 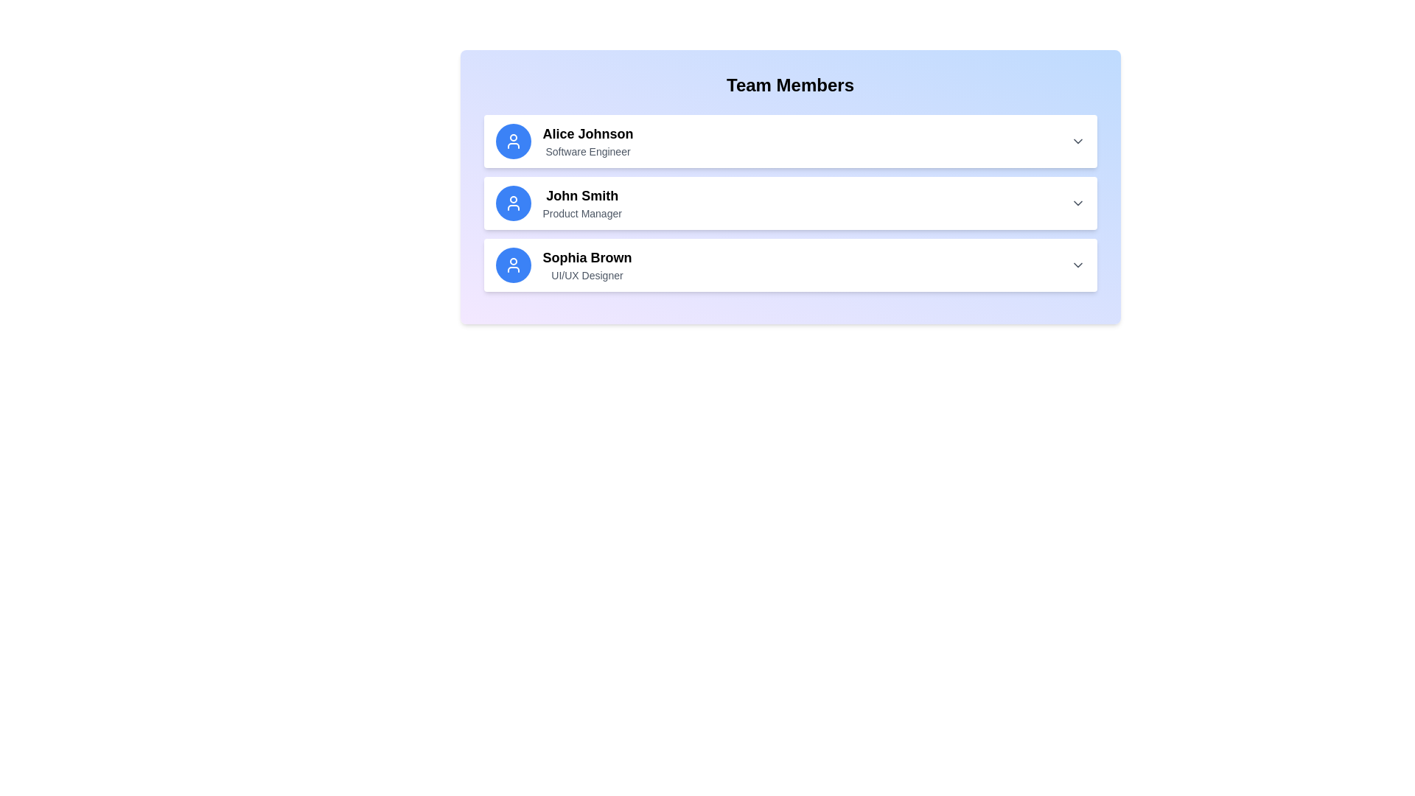 I want to click on the profile icon representing 'Sophia Brown' located within a circular blue button on the left side of the third group of team members, so click(x=513, y=264).